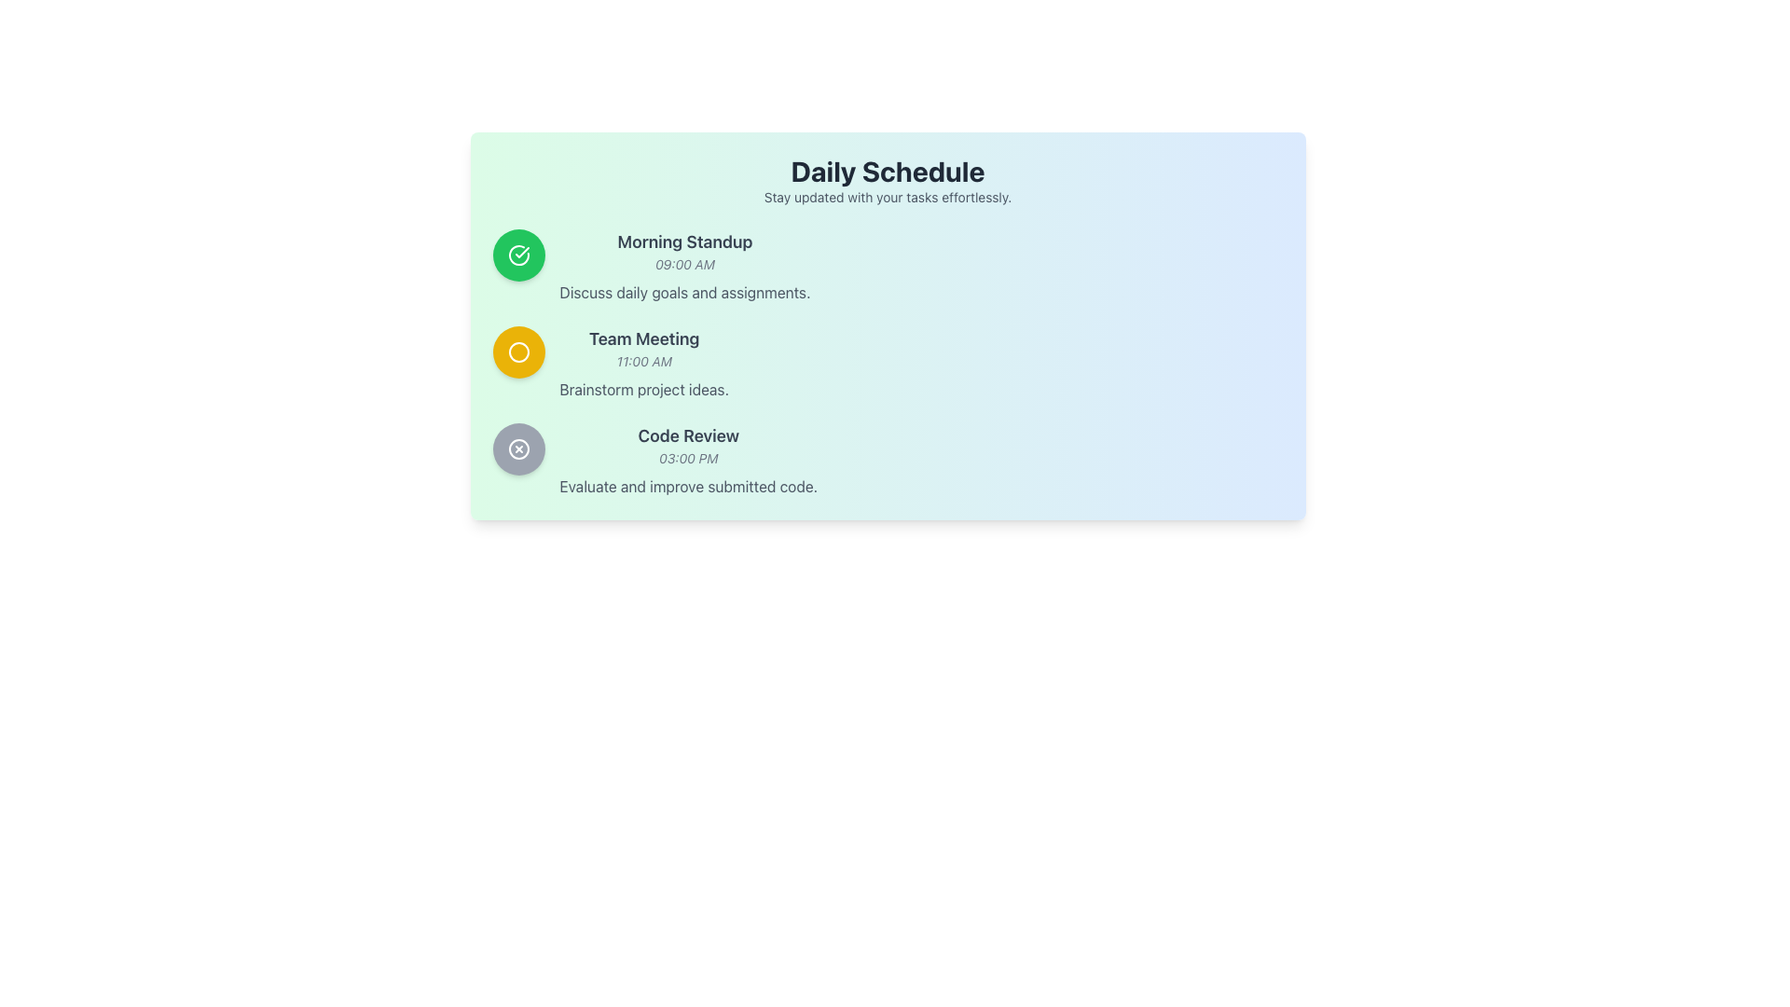 This screenshot has width=1790, height=1007. What do you see at coordinates (644, 338) in the screenshot?
I see `the Text Label element containing 'Team Meeting' which is positioned above the text '11:00 AM' and 'Brainstorm project ideas'` at bounding box center [644, 338].